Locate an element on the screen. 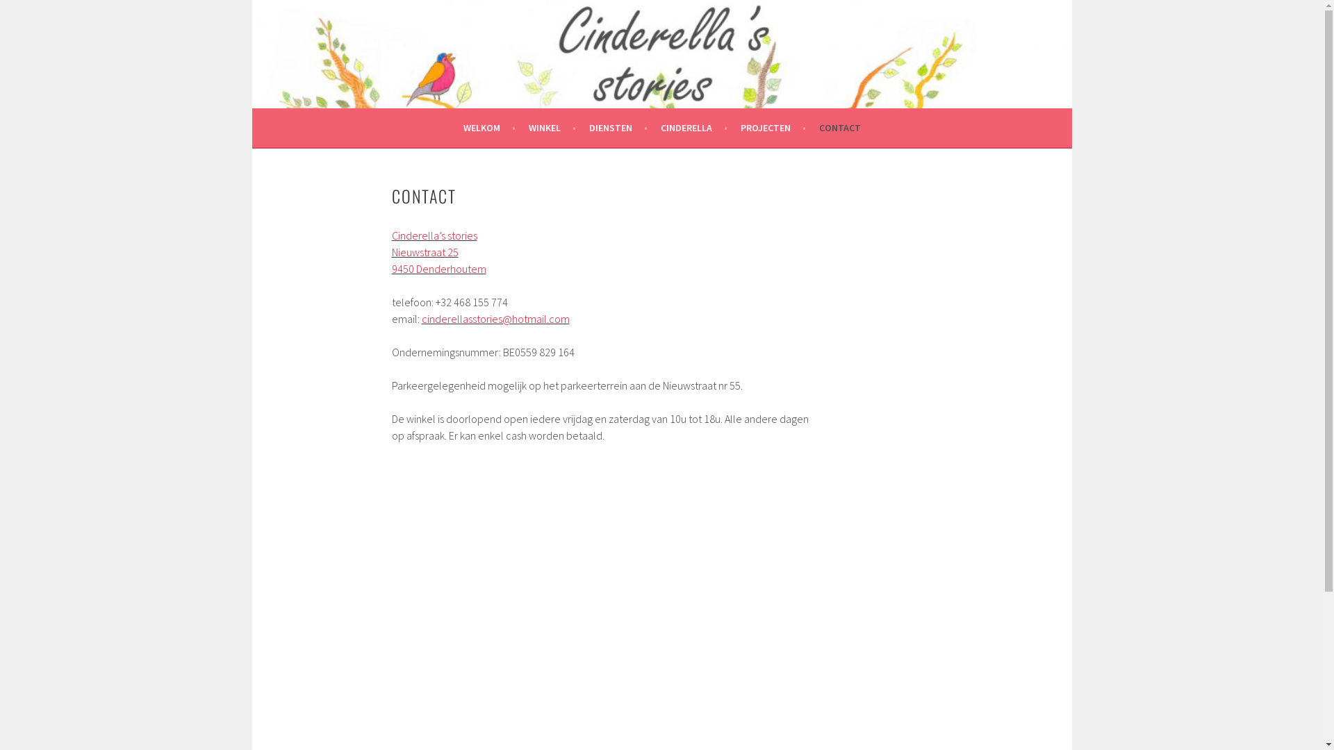 Image resolution: width=1334 pixels, height=750 pixels. 'WINKEL' is located at coordinates (550, 128).